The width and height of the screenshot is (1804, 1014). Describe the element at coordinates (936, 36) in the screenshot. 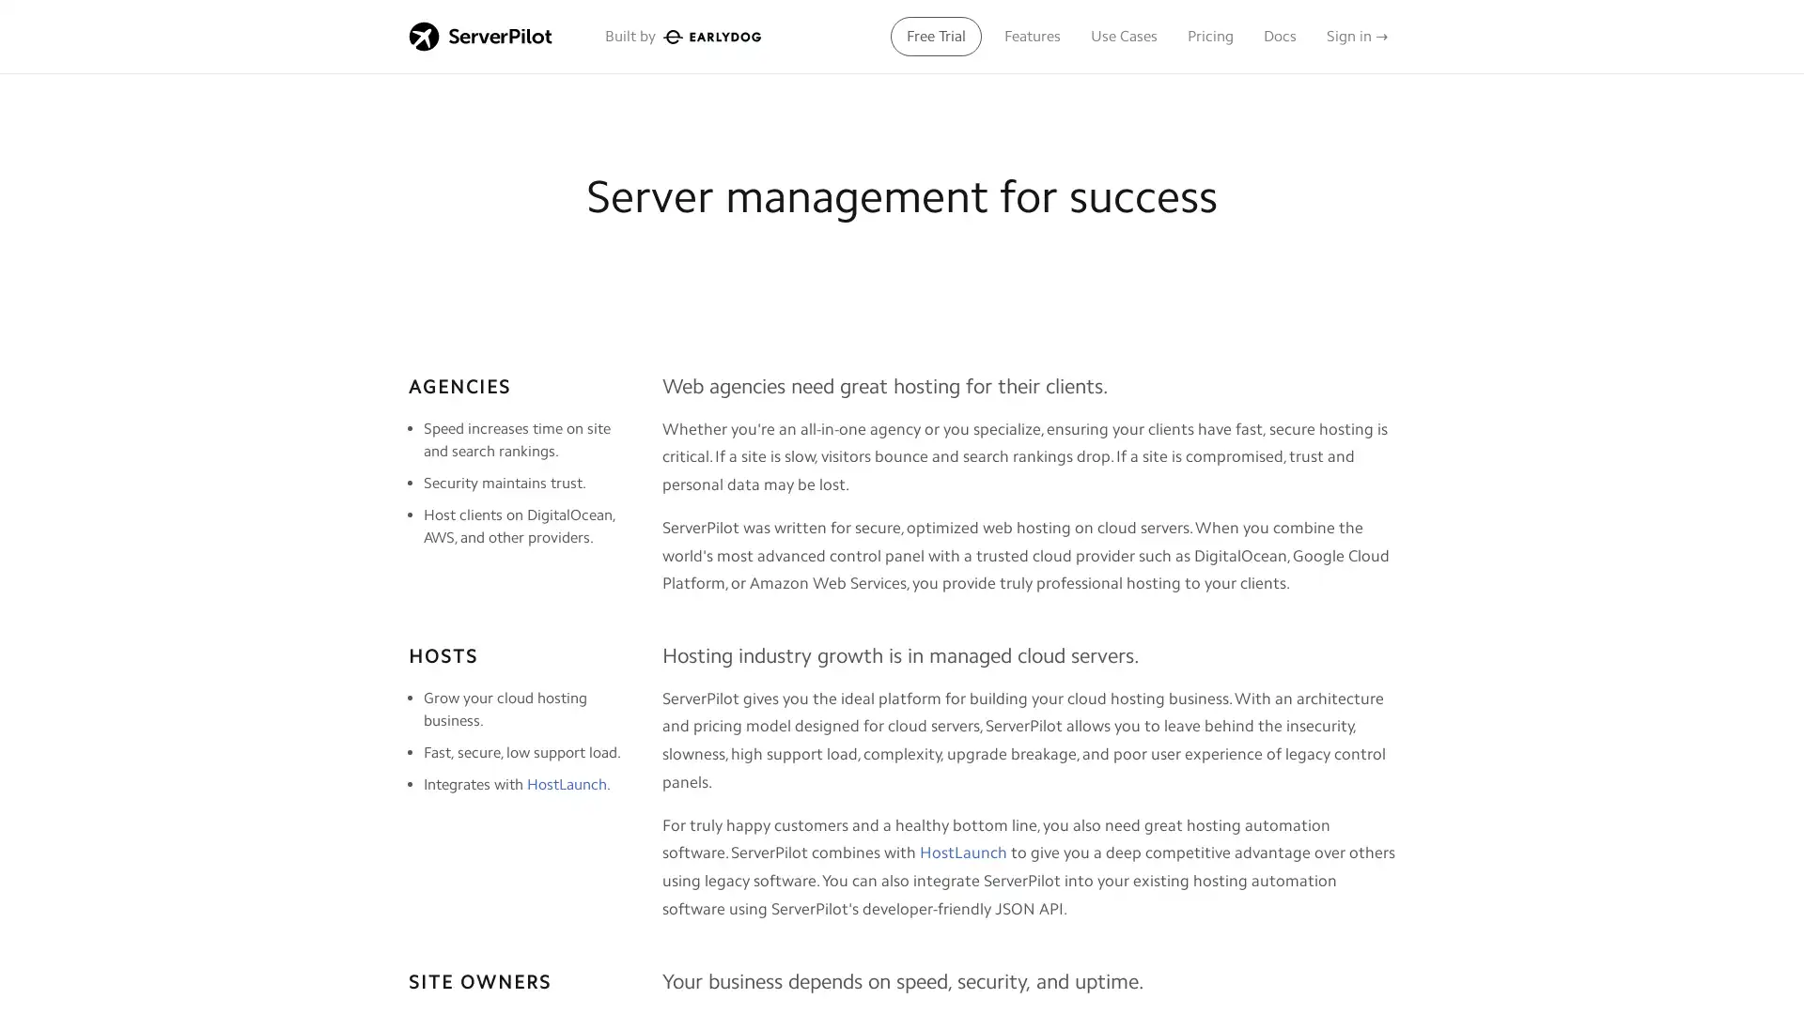

I see `Free Trial` at that location.